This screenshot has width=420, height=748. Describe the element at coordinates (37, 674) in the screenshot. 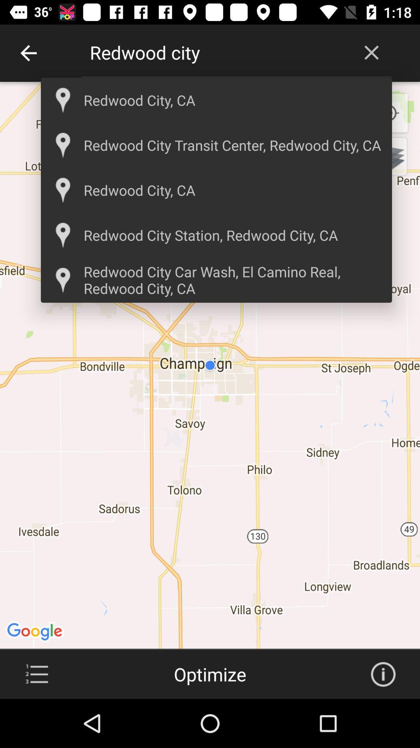

I see `open menu option` at that location.